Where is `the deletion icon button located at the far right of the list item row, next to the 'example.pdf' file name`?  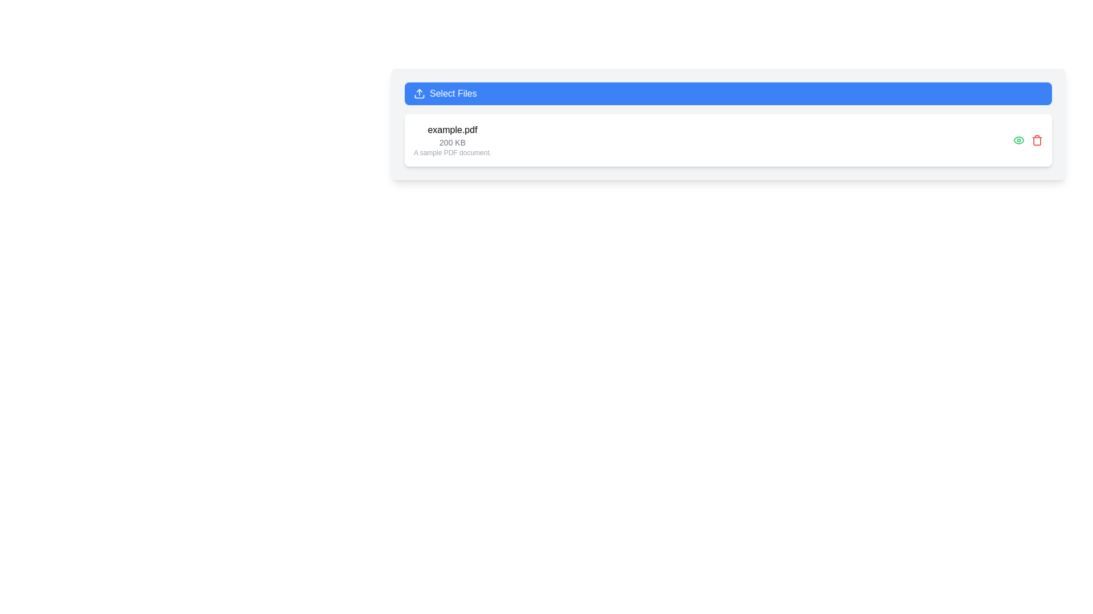 the deletion icon button located at the far right of the list item row, next to the 'example.pdf' file name is located at coordinates (1037, 140).